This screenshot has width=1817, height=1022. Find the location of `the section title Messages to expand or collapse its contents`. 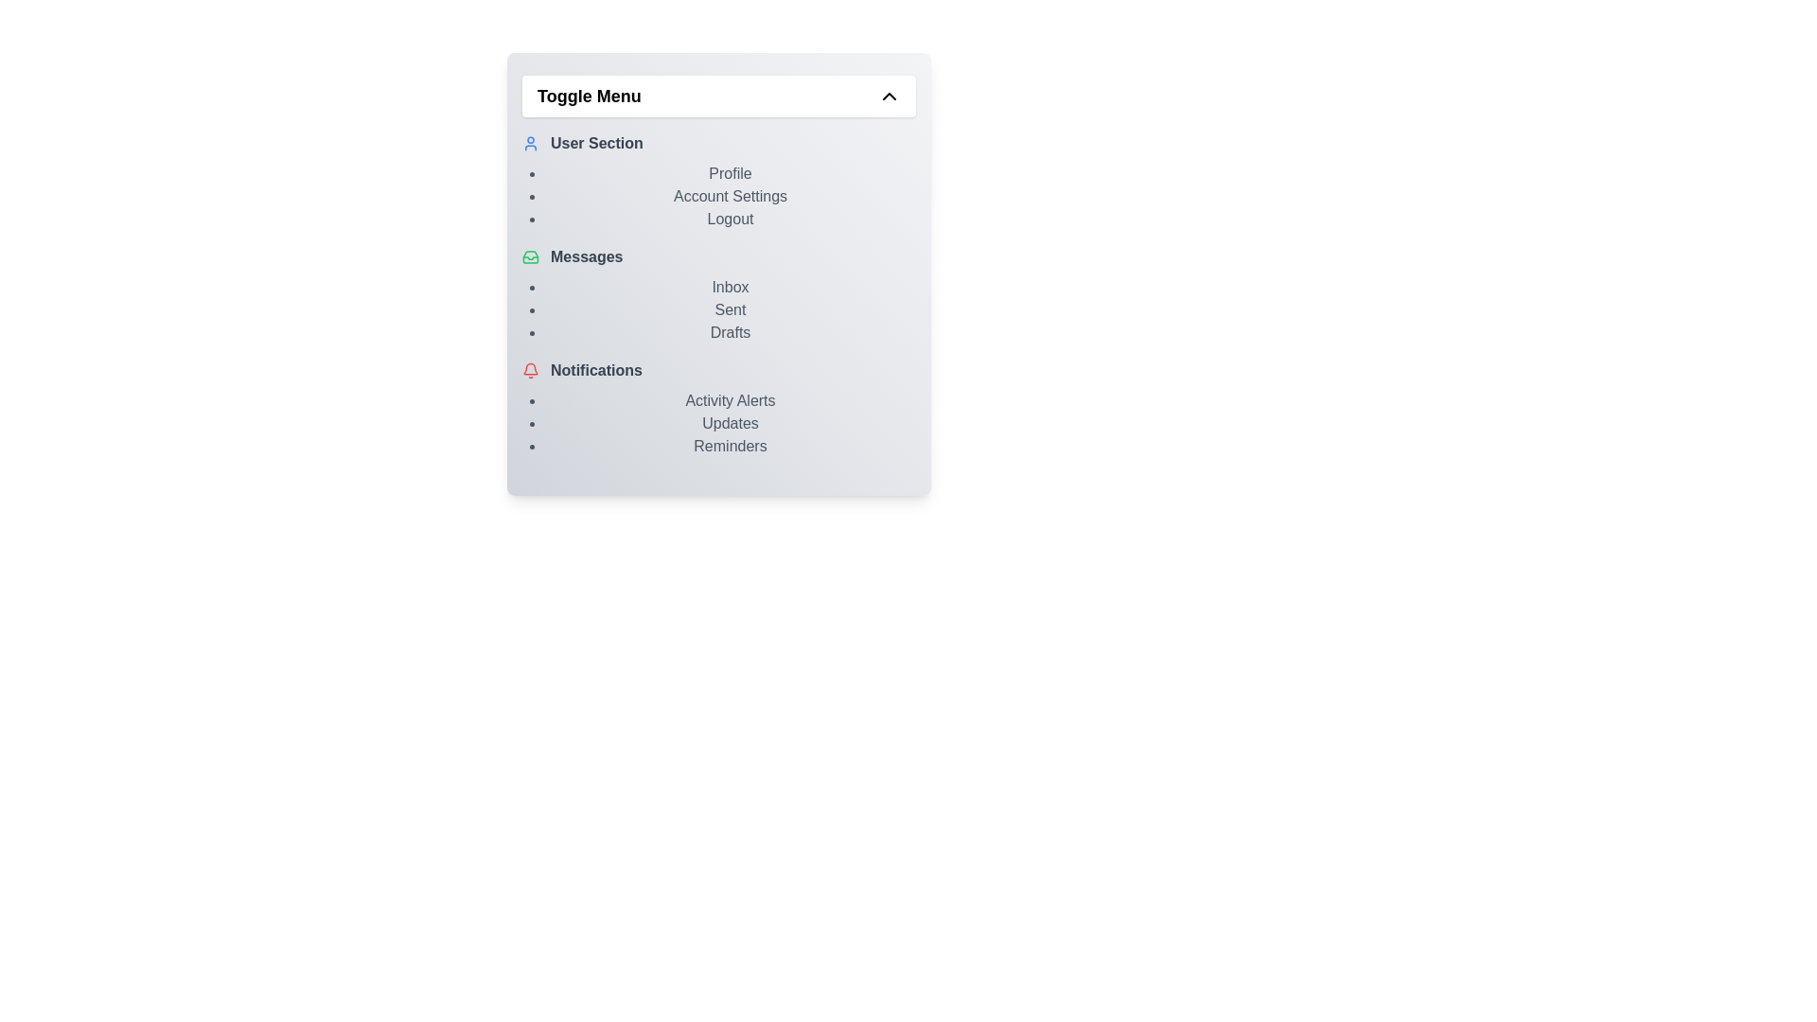

the section title Messages to expand or collapse its contents is located at coordinates (717, 257).